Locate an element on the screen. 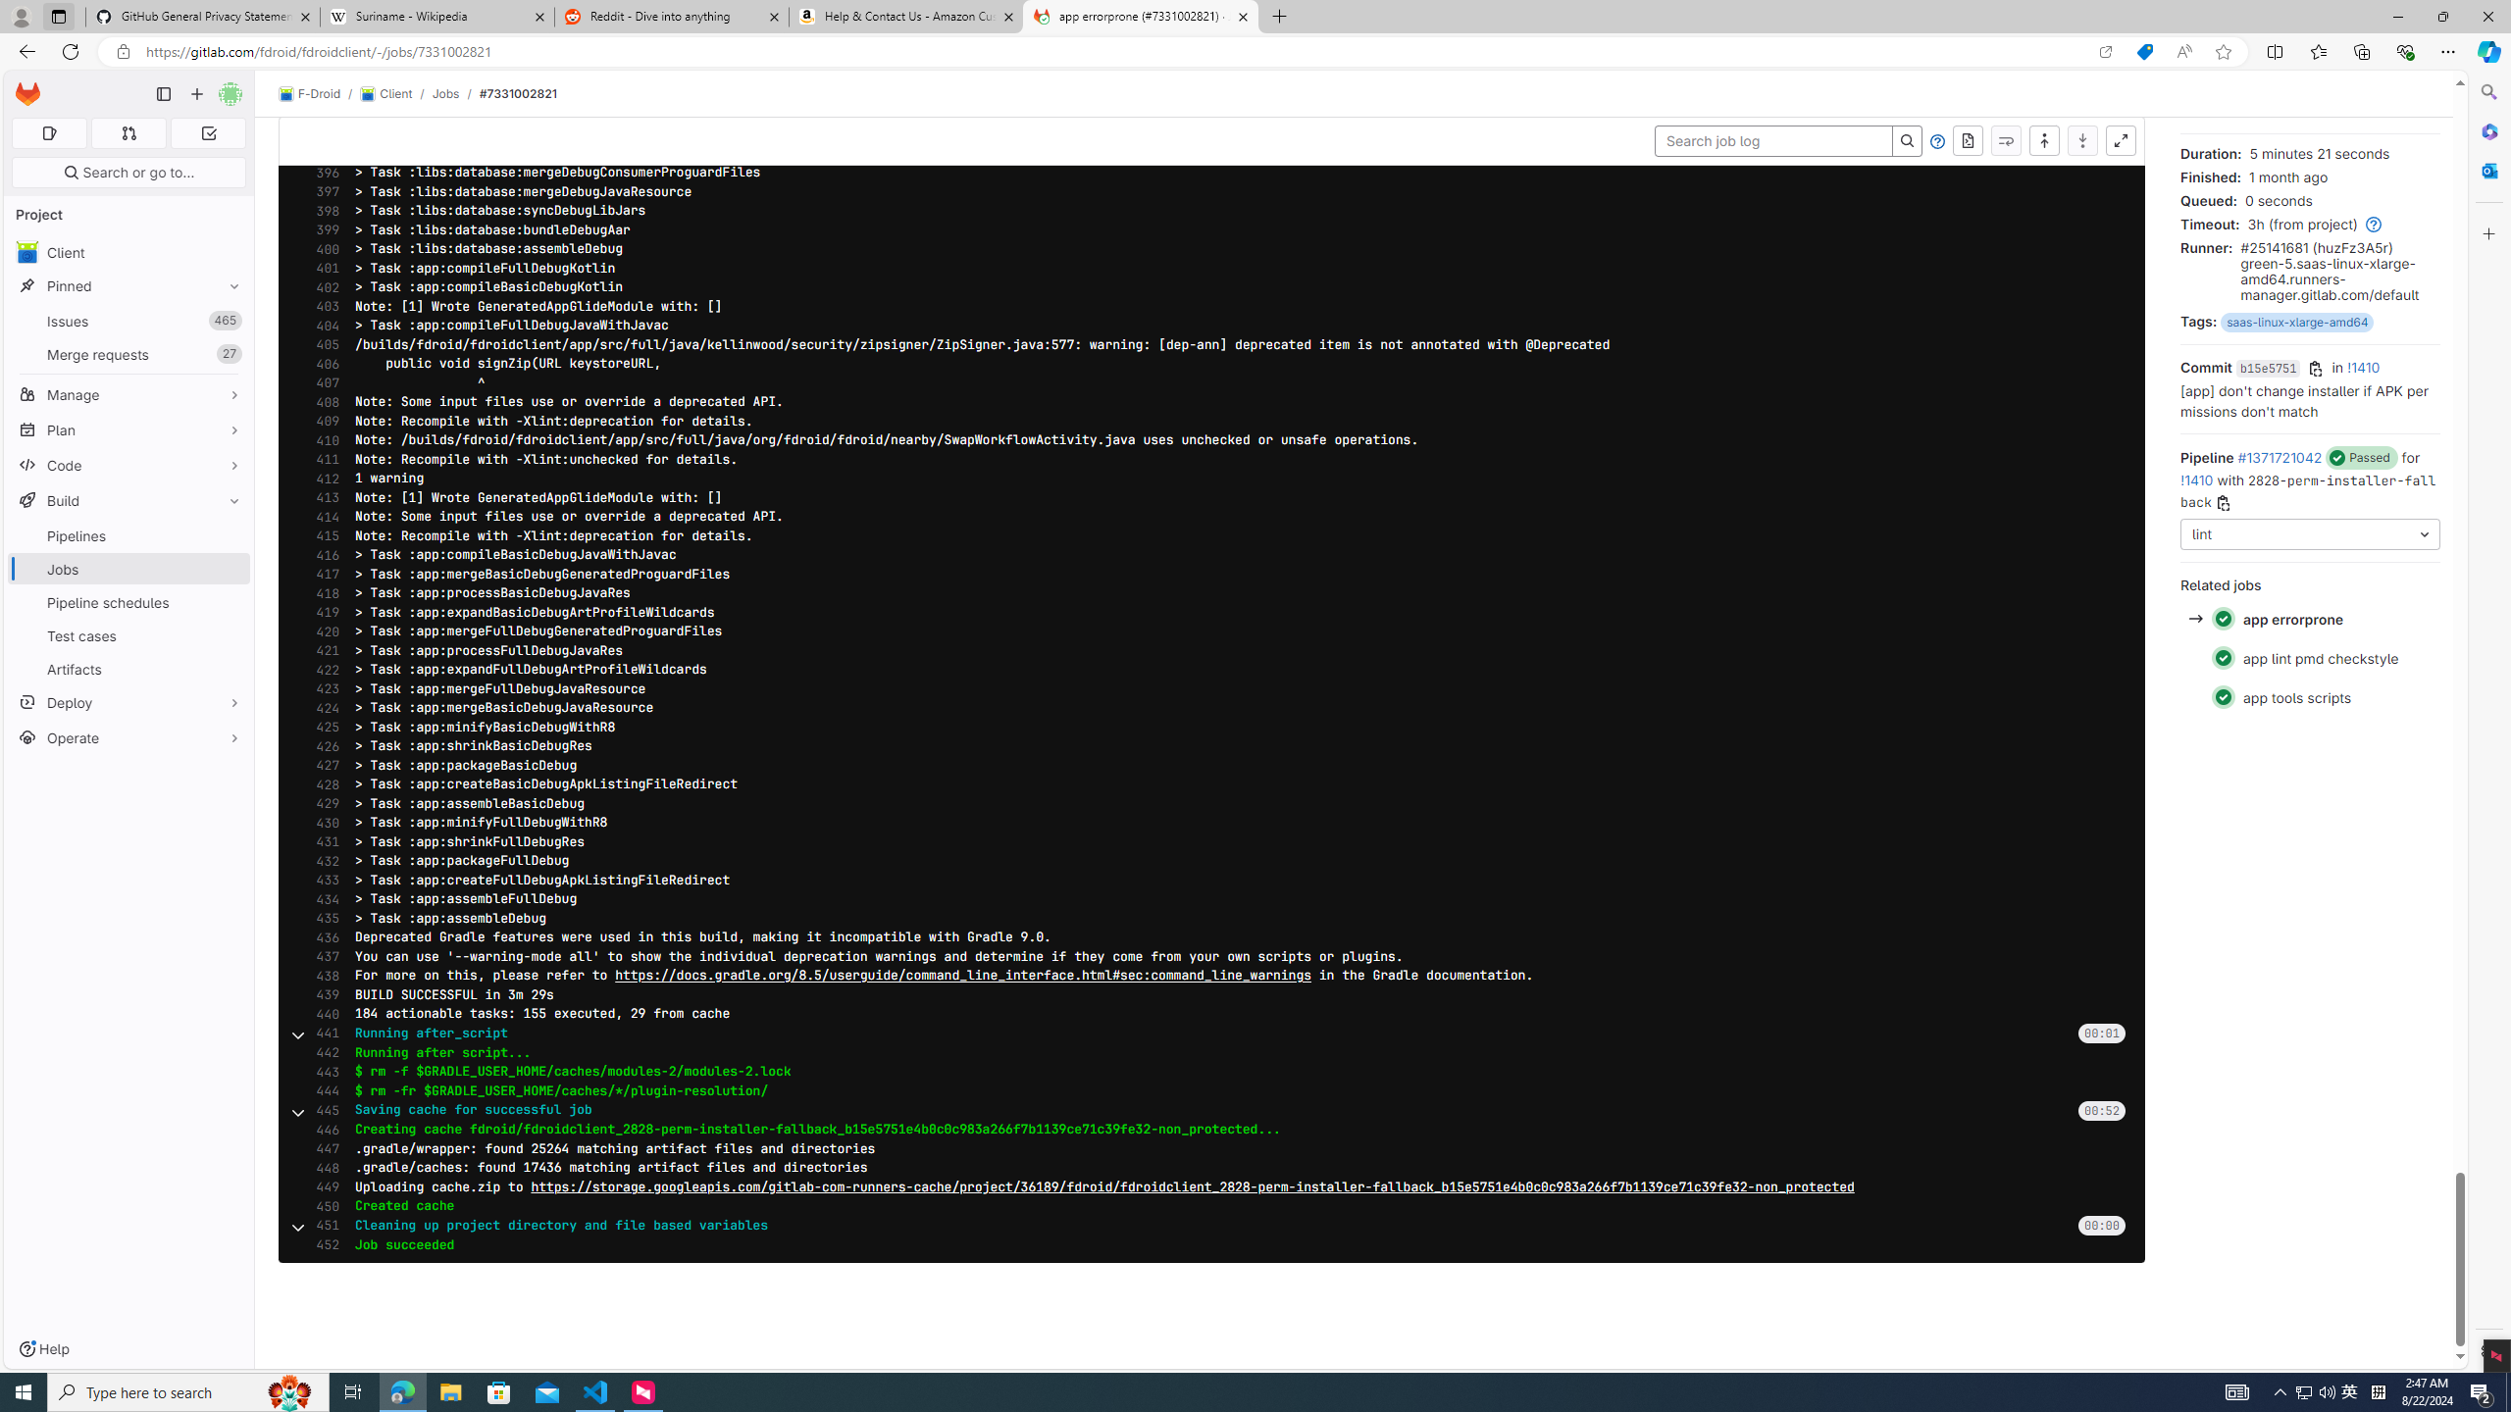 Image resolution: width=2511 pixels, height=1412 pixels. '418' is located at coordinates (321, 593).